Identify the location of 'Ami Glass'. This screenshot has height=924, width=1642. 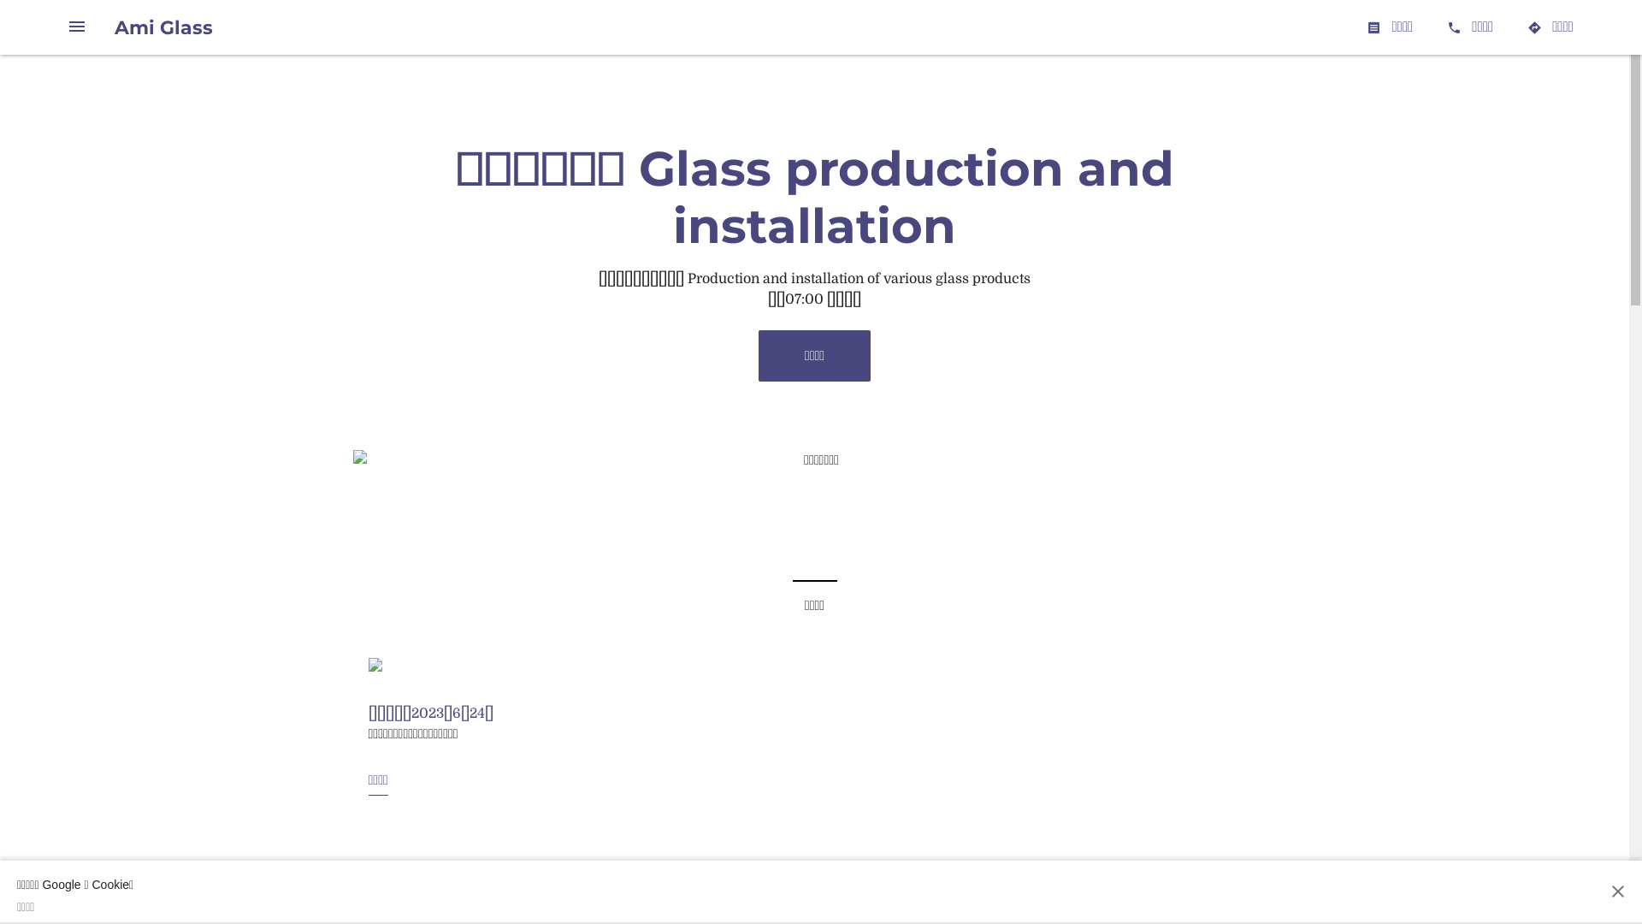
(163, 27).